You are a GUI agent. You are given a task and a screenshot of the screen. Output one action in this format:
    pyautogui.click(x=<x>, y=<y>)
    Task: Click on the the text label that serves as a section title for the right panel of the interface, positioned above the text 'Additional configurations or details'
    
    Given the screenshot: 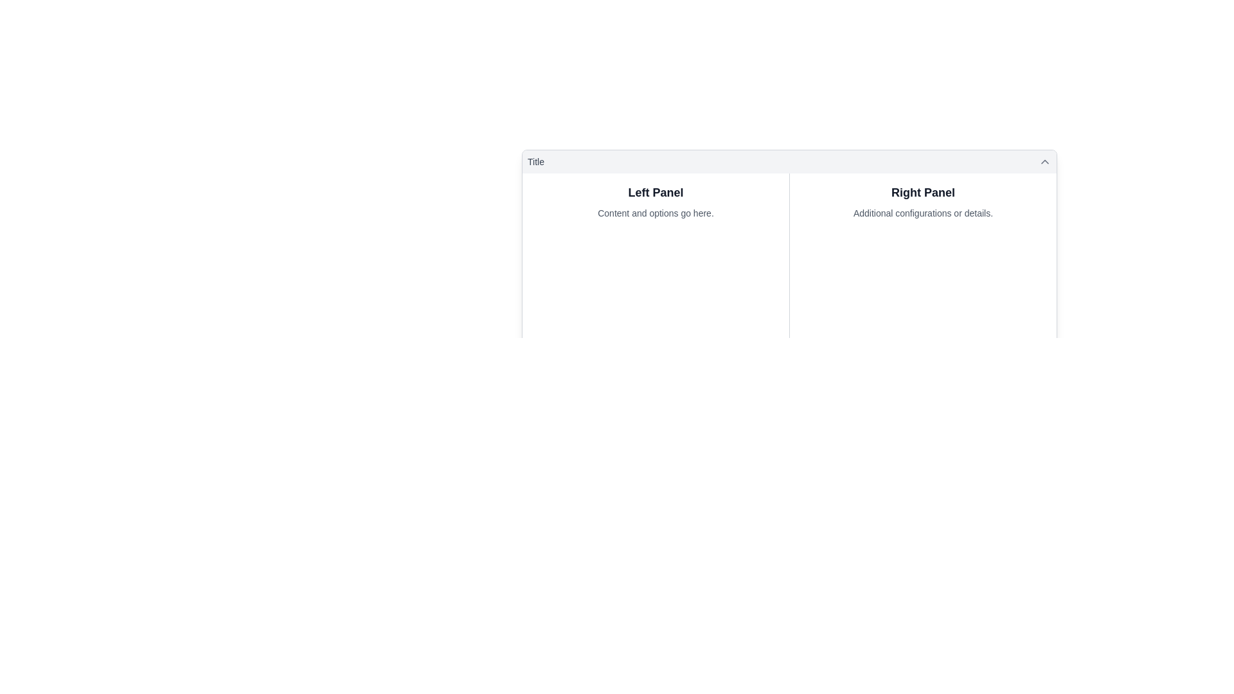 What is the action you would take?
    pyautogui.click(x=922, y=193)
    